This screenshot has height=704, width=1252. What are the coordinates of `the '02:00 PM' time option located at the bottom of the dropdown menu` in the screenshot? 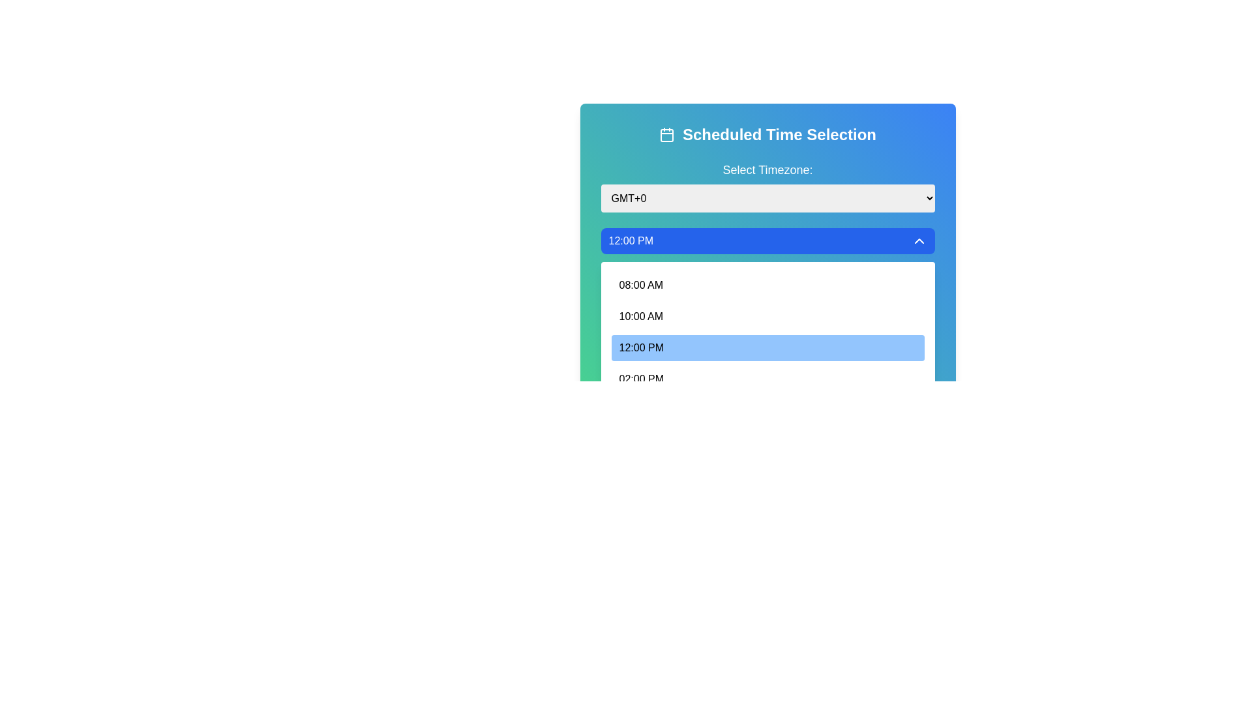 It's located at (641, 379).